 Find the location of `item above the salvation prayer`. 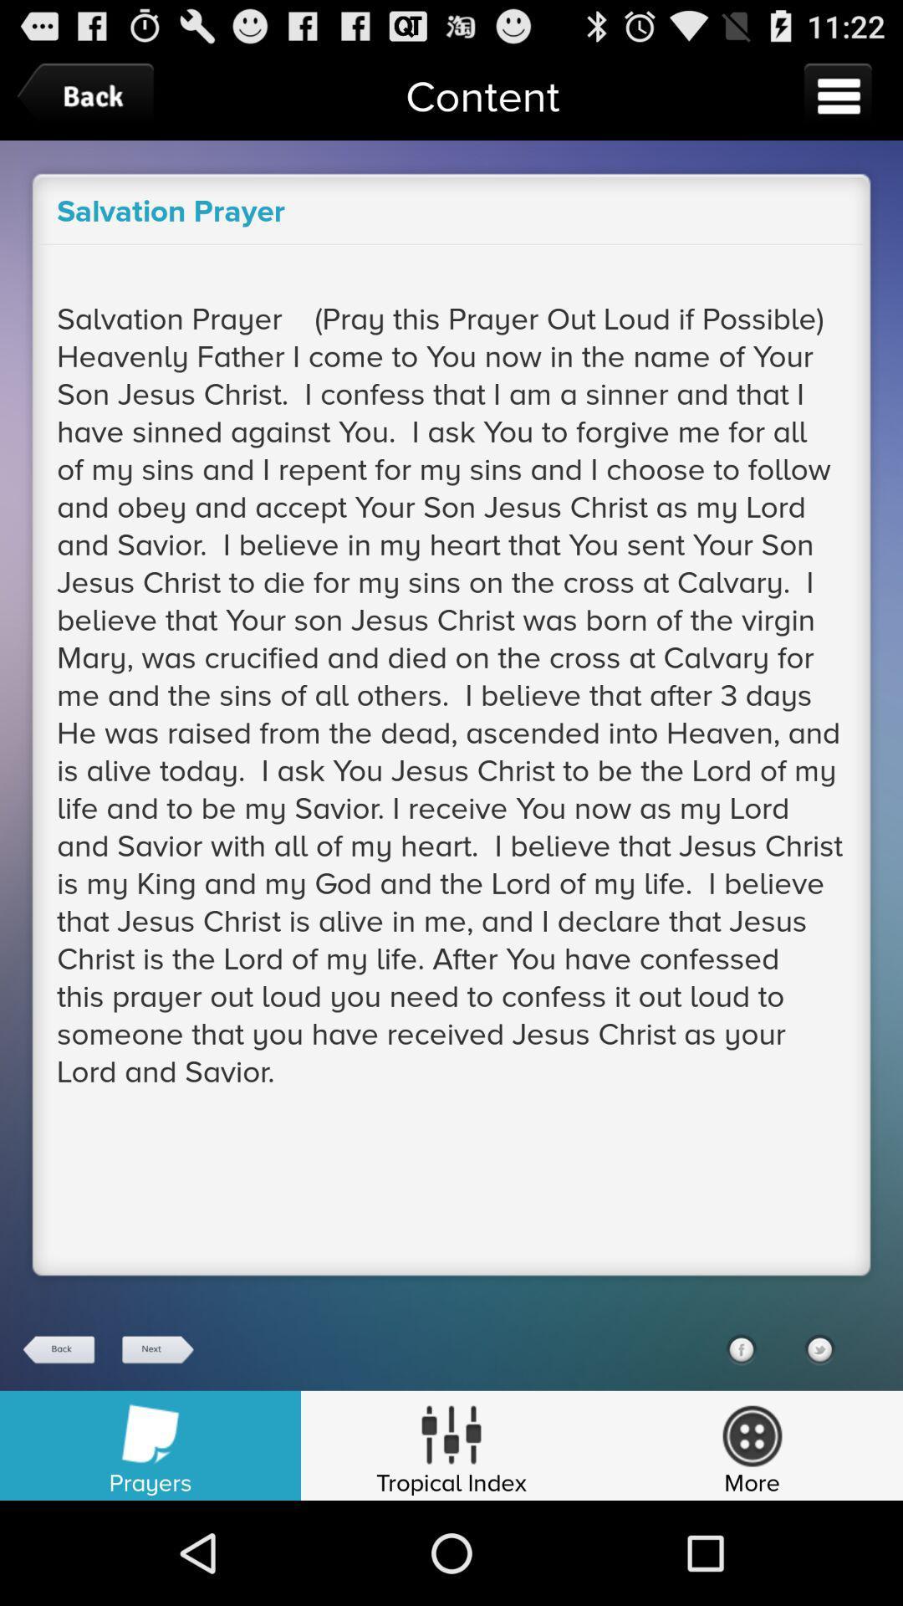

item above the salvation prayer is located at coordinates (89, 95).